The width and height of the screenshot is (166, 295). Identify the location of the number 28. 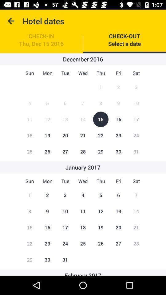
(83, 151).